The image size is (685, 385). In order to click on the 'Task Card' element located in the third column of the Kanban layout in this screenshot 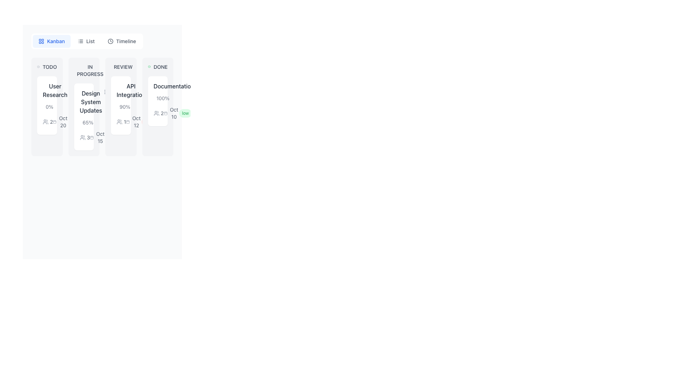, I will do `click(121, 107)`.